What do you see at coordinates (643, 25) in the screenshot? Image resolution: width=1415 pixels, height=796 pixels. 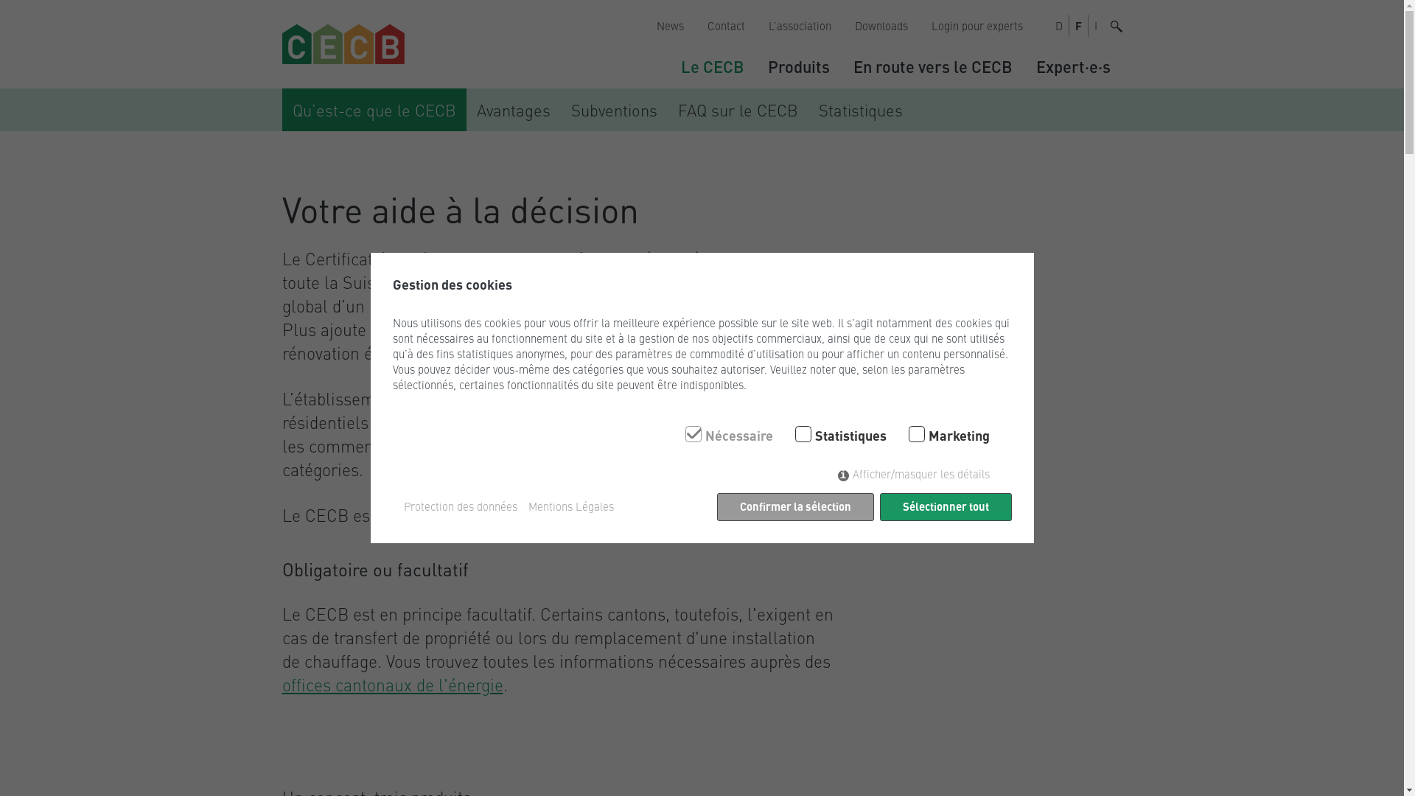 I see `'News'` at bounding box center [643, 25].